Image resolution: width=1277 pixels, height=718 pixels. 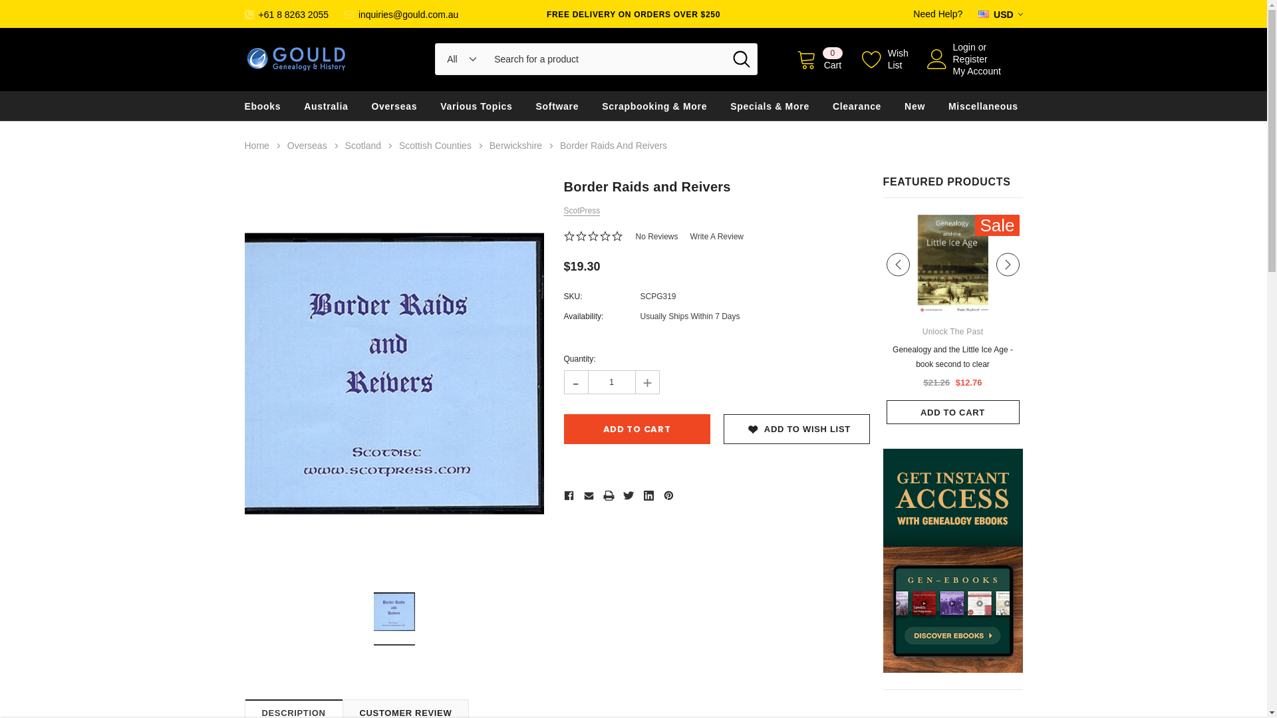 I want to click on 'Wish List', so click(x=885, y=58).